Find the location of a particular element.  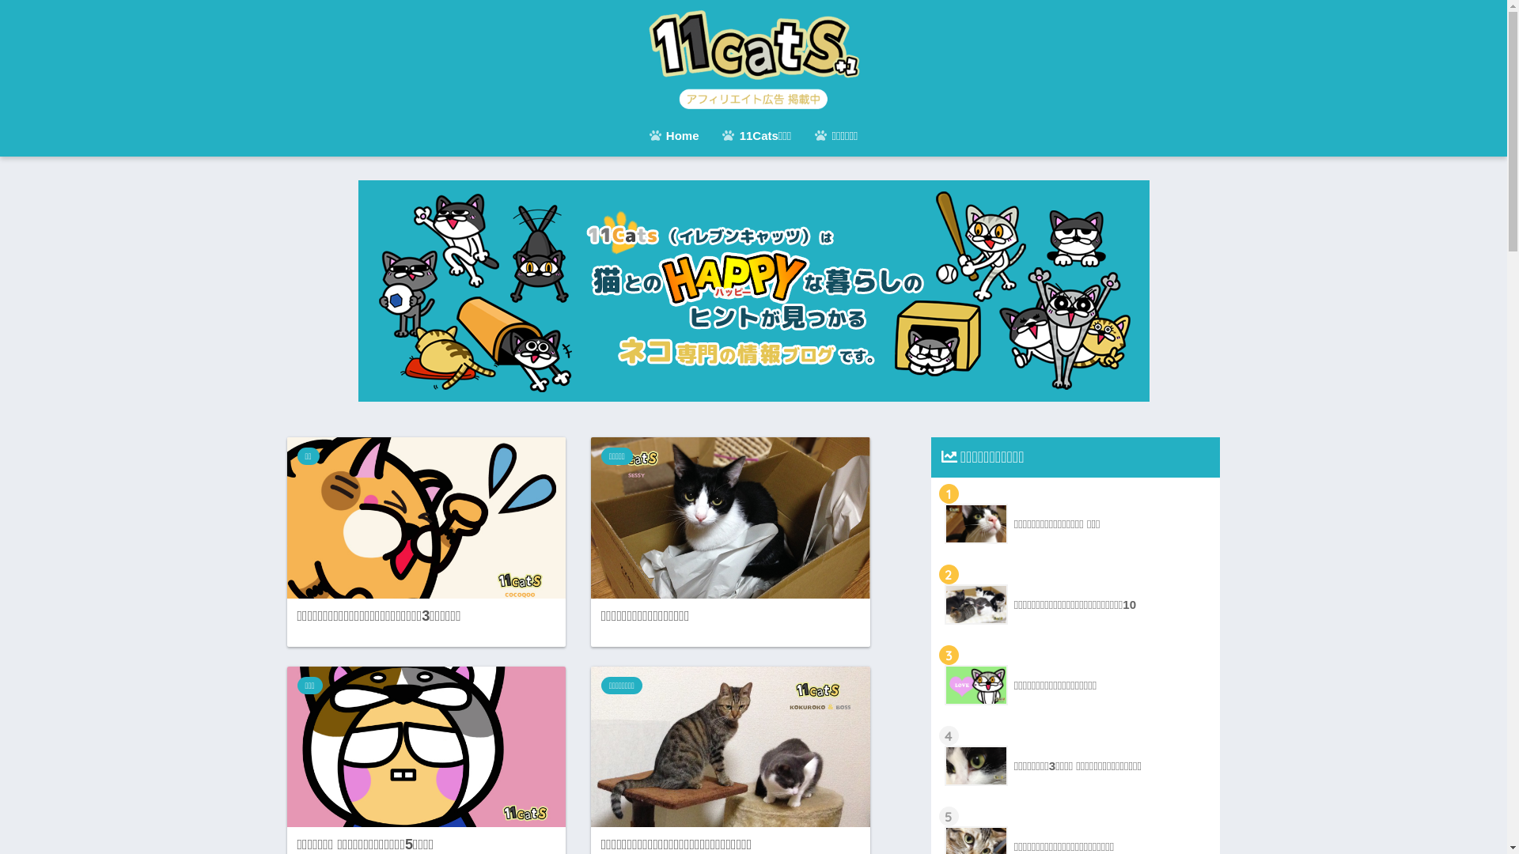

'Home' is located at coordinates (638, 136).